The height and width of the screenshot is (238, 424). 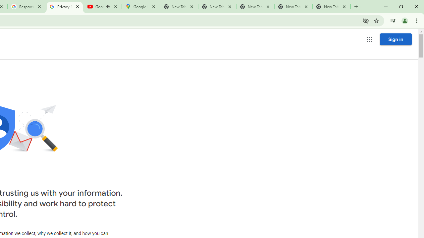 I want to click on 'Google Maps', so click(x=140, y=7).